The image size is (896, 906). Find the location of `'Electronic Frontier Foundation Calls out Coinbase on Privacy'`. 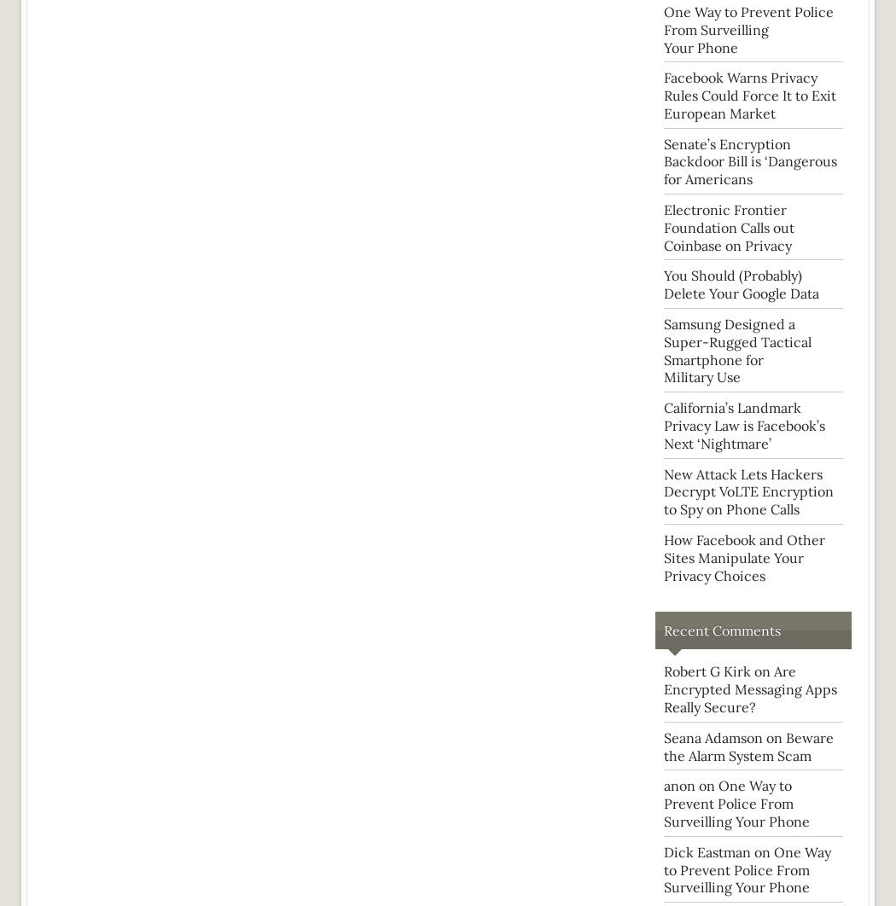

'Electronic Frontier Foundation Calls out Coinbase on Privacy' is located at coordinates (729, 227).